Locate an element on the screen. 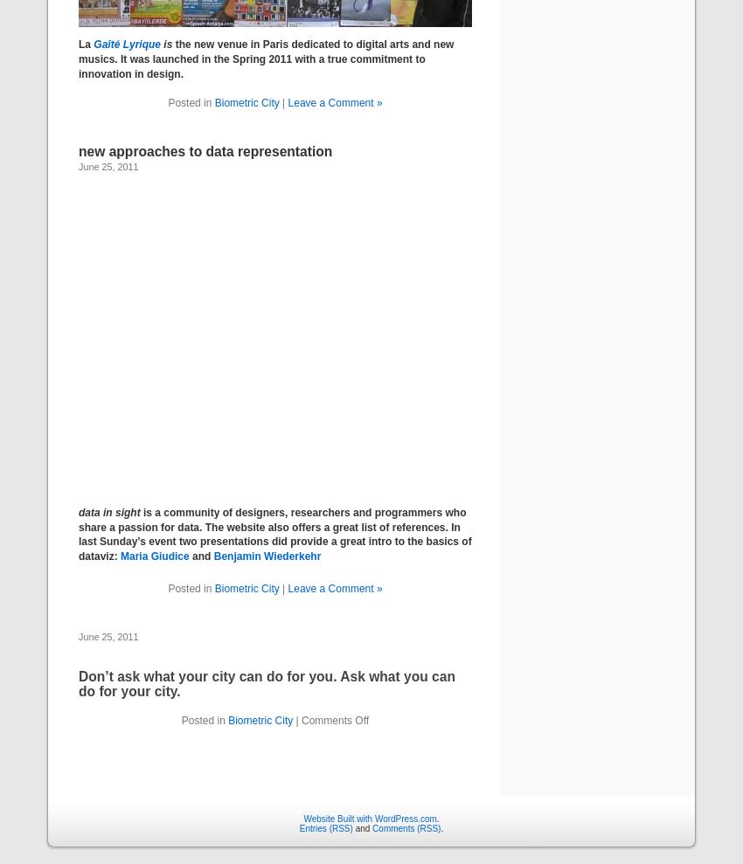 This screenshot has width=743, height=864. 'Comments Off' is located at coordinates (334, 719).